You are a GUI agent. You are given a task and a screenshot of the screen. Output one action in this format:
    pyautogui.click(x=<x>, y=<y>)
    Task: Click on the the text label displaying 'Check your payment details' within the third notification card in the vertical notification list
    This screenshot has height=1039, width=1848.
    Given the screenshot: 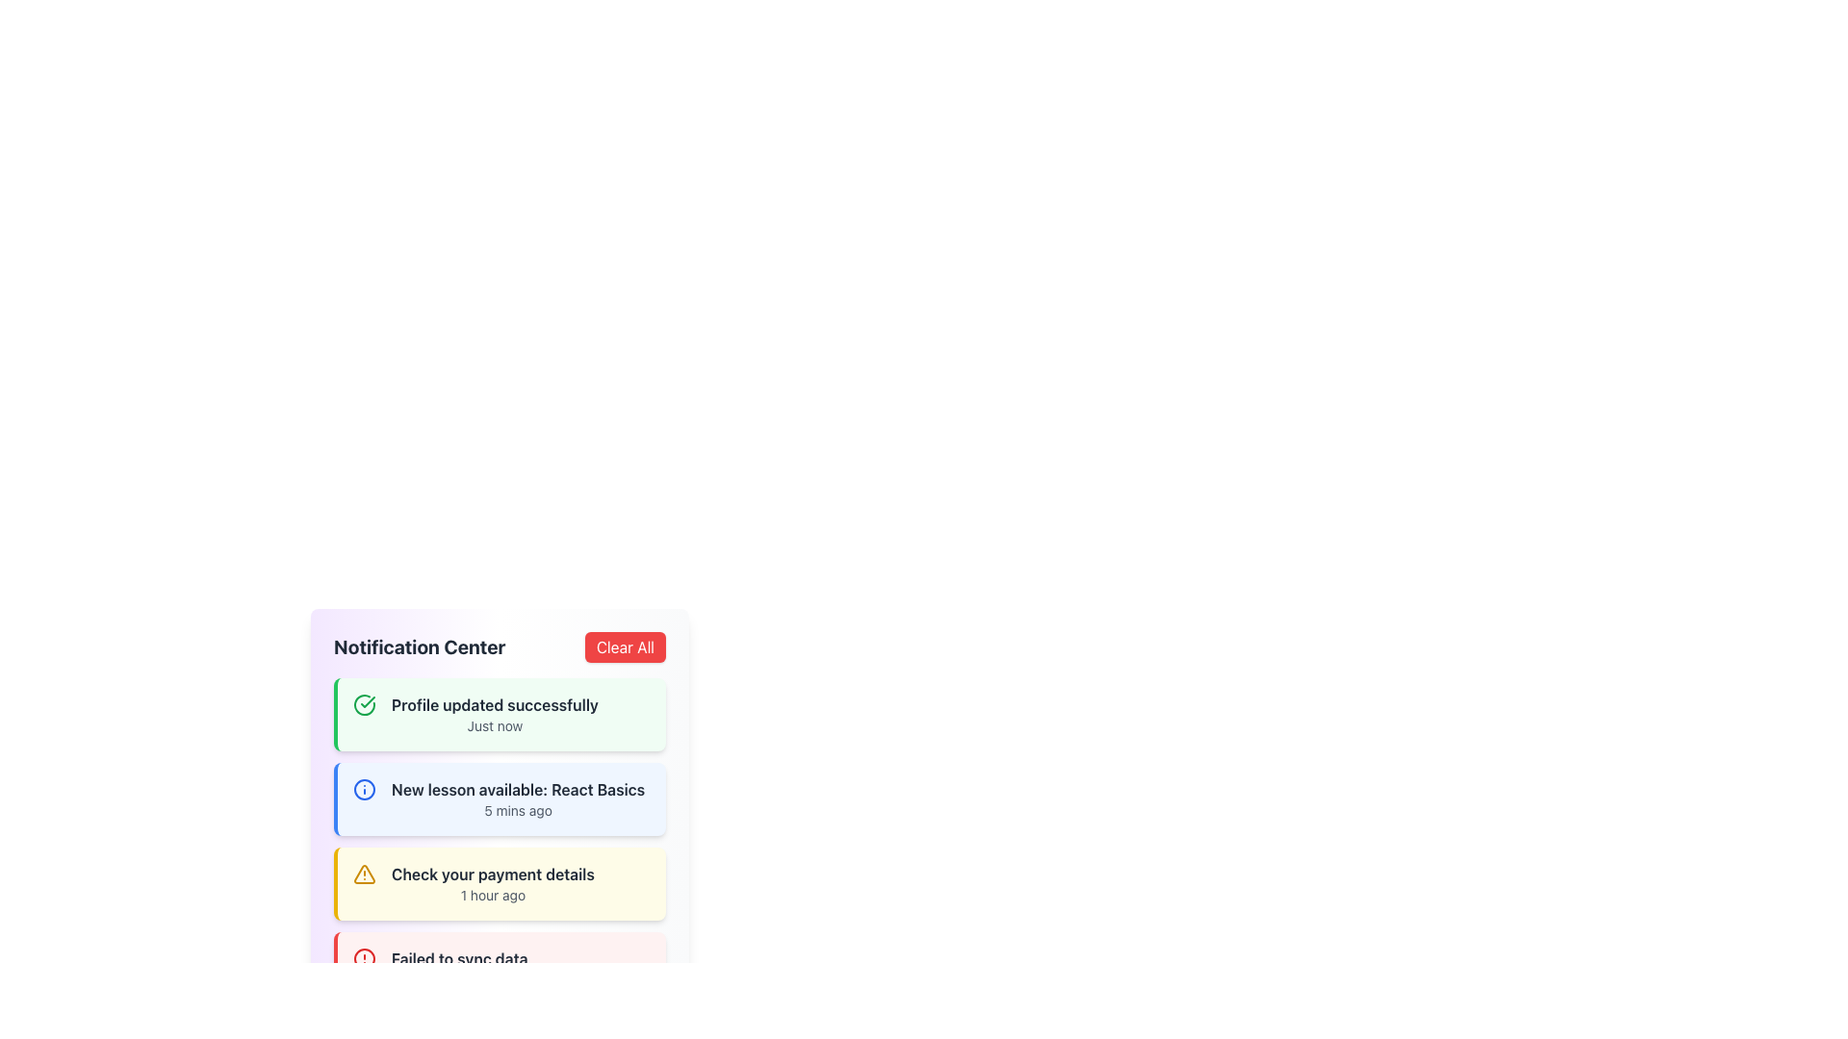 What is the action you would take?
    pyautogui.click(x=493, y=874)
    